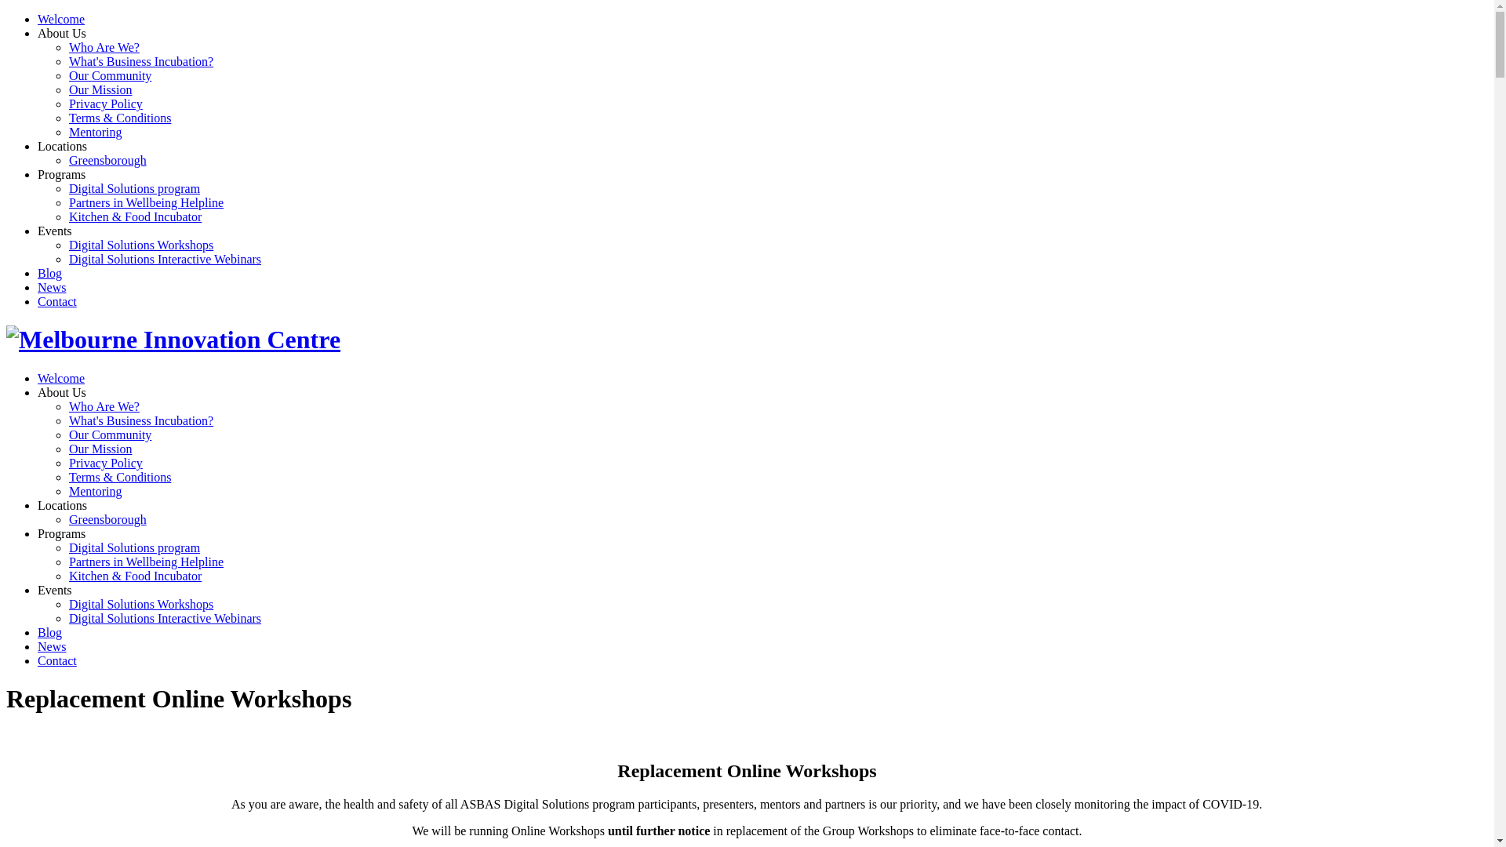 The width and height of the screenshot is (1506, 847). What do you see at coordinates (49, 631) in the screenshot?
I see `'Blog'` at bounding box center [49, 631].